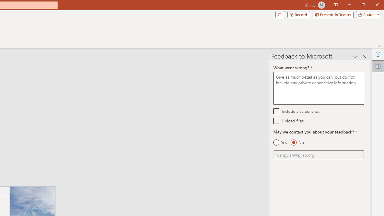 The width and height of the screenshot is (384, 216). Describe the element at coordinates (355, 57) in the screenshot. I see `'Task Pane Options'` at that location.